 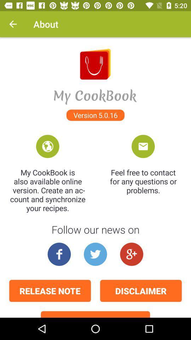 What do you see at coordinates (132, 254) in the screenshot?
I see `the follow icon` at bounding box center [132, 254].